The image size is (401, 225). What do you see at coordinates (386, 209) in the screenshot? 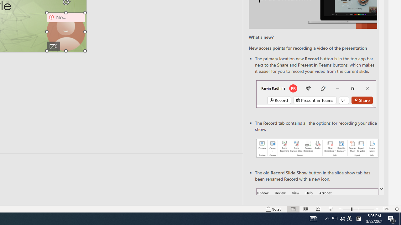
I see `'Zoom 57%'` at bounding box center [386, 209].